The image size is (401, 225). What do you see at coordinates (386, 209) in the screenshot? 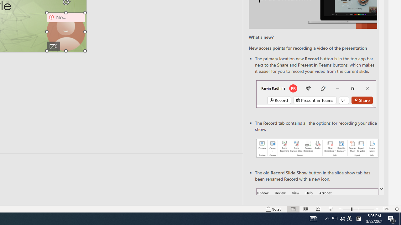
I see `'Zoom 57%'` at bounding box center [386, 209].